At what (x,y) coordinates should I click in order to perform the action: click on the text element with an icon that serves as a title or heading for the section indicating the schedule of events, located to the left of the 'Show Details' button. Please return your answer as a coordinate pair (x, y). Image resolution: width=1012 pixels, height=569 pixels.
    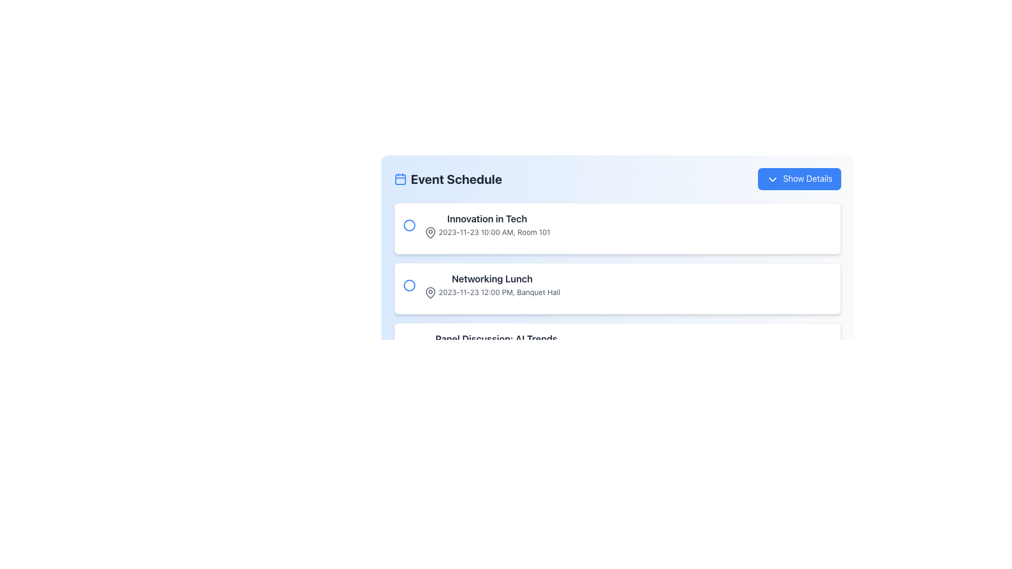
    Looking at the image, I should click on (448, 178).